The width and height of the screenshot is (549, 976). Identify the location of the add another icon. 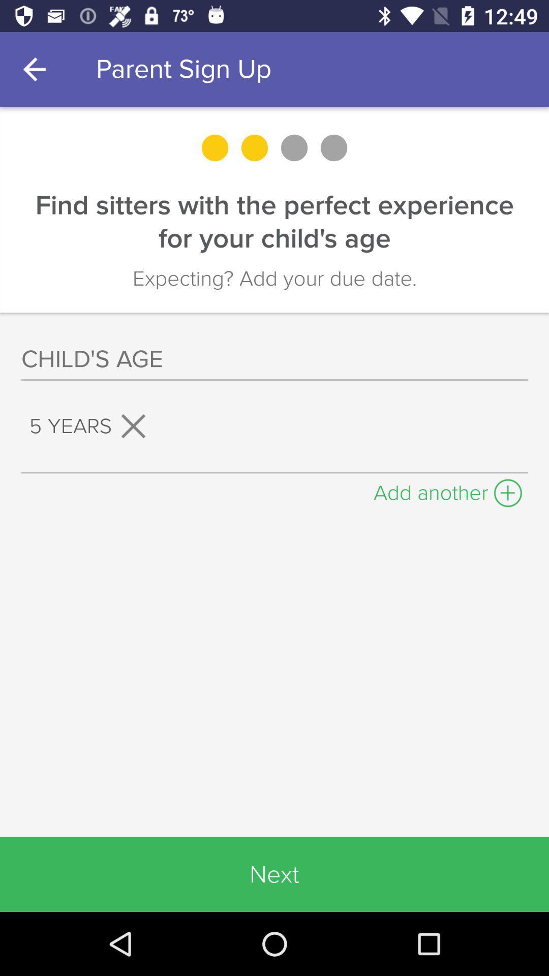
(447, 490).